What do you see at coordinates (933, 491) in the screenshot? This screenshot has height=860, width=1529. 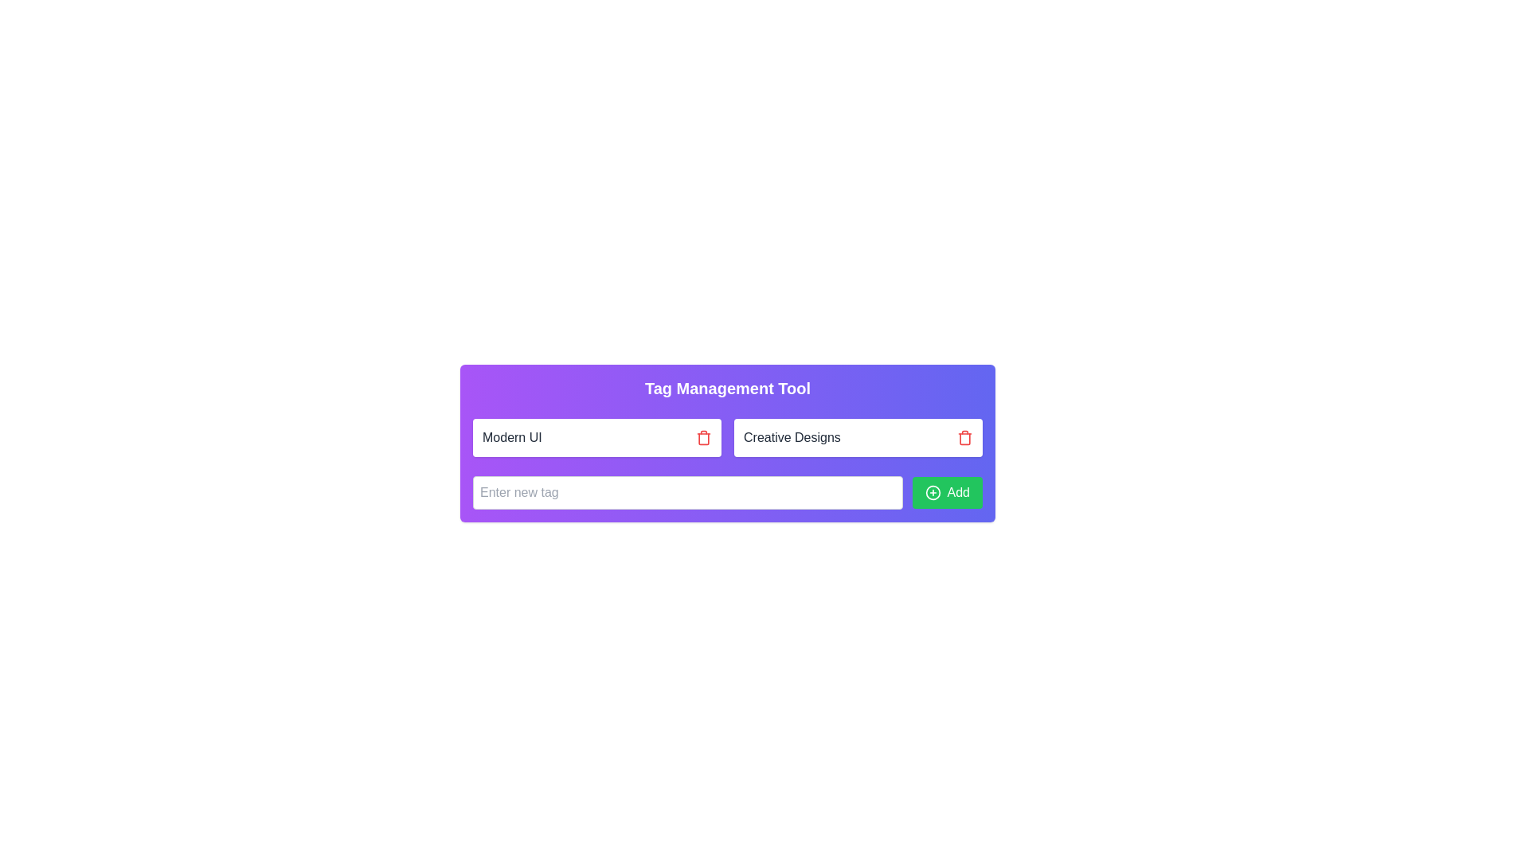 I see `the circular icon with a plus symbol inside, featuring a green background located near the 'Add' label` at bounding box center [933, 491].